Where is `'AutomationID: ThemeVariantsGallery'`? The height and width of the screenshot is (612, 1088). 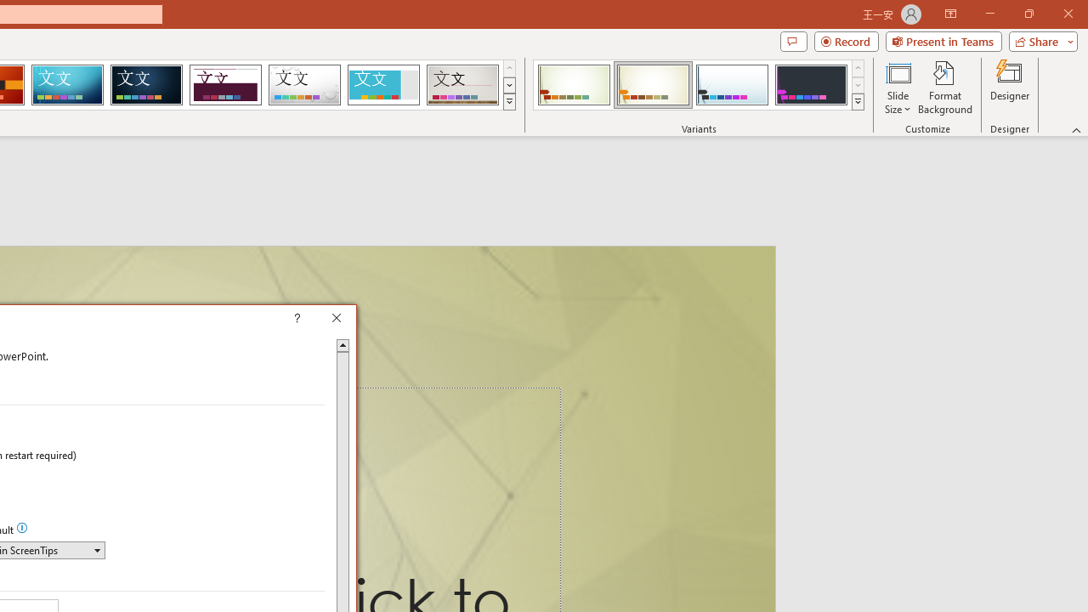
'AutomationID: ThemeVariantsGallery' is located at coordinates (700, 85).